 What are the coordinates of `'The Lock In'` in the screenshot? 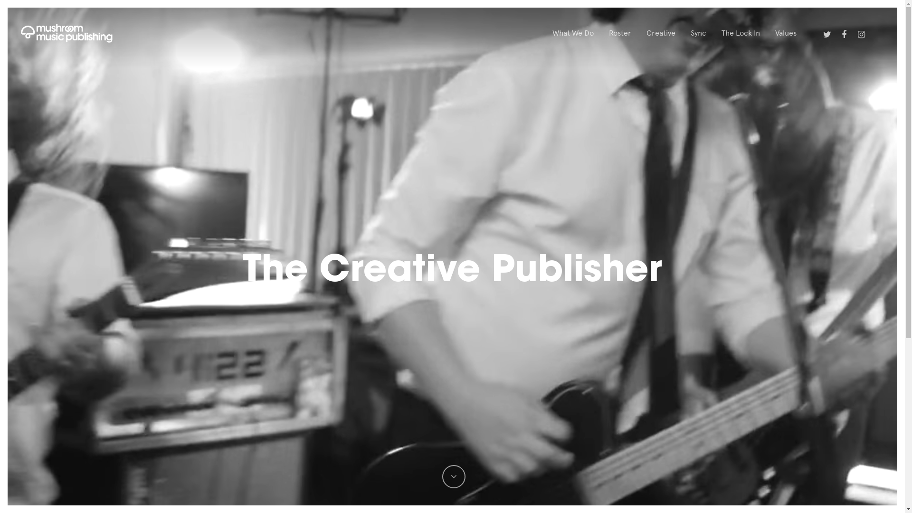 It's located at (740, 32).